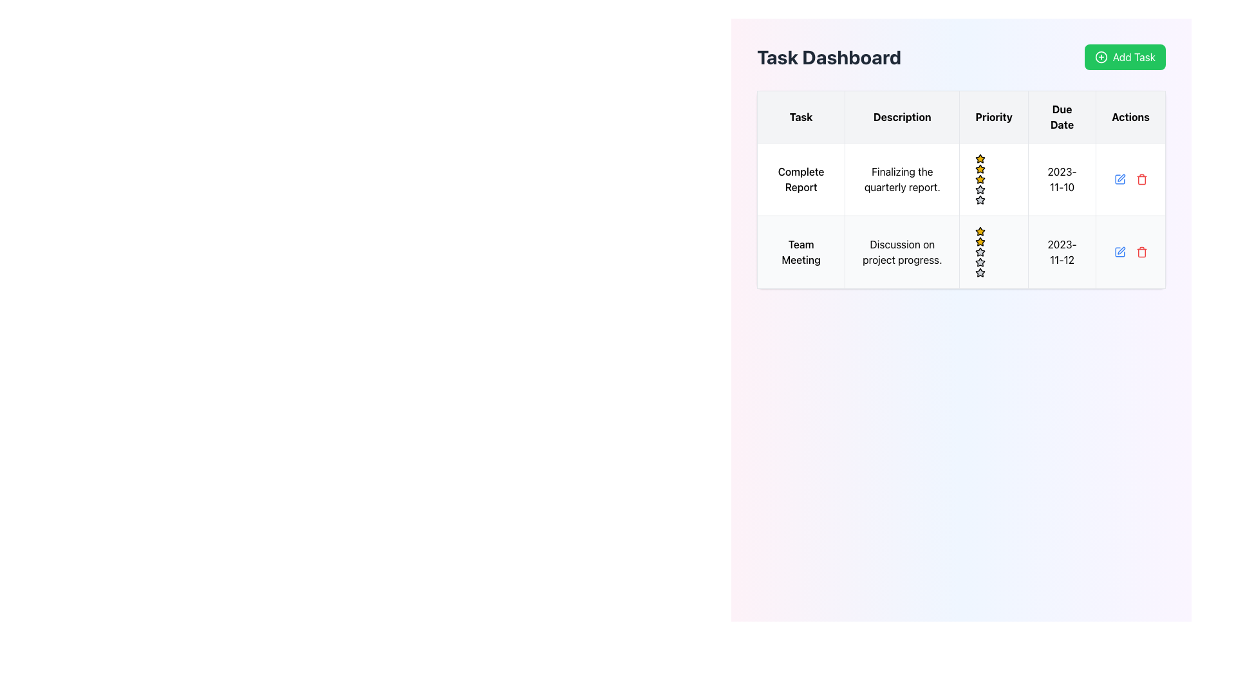 Image resolution: width=1236 pixels, height=695 pixels. I want to click on the small blue pen icon in the 'Actions' column of the second row to initiate edit mode for the row, so click(1119, 252).